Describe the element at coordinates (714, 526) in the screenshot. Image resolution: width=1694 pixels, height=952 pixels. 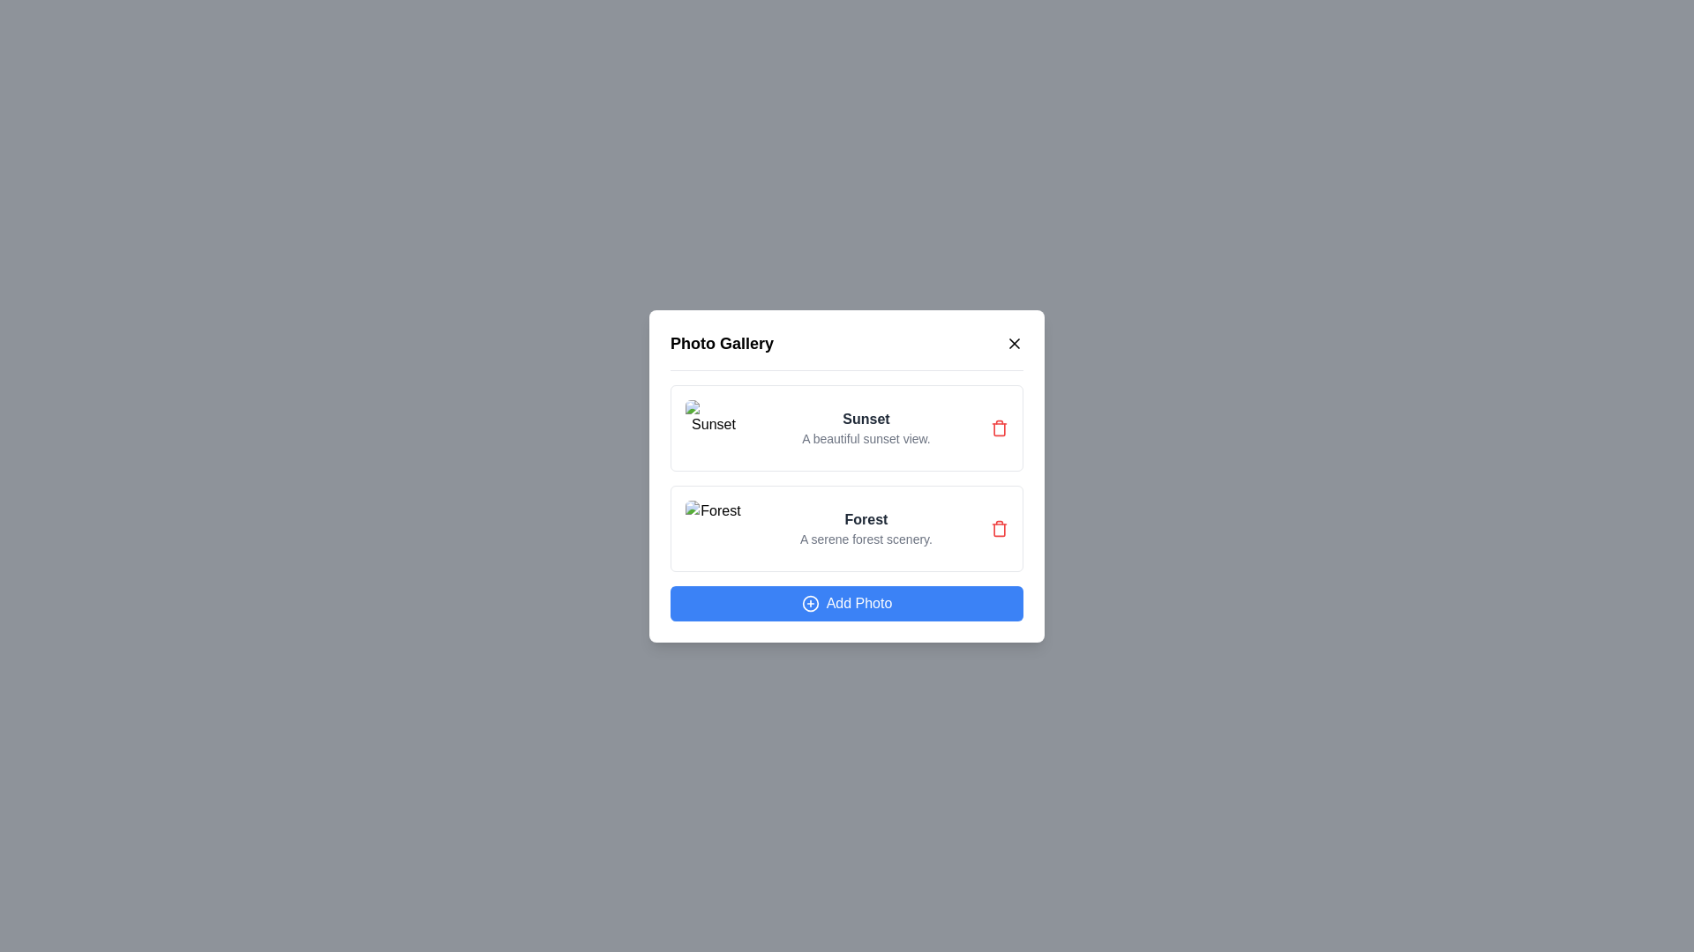
I see `the Image Thumbnail representing the 'Forest' description` at that location.